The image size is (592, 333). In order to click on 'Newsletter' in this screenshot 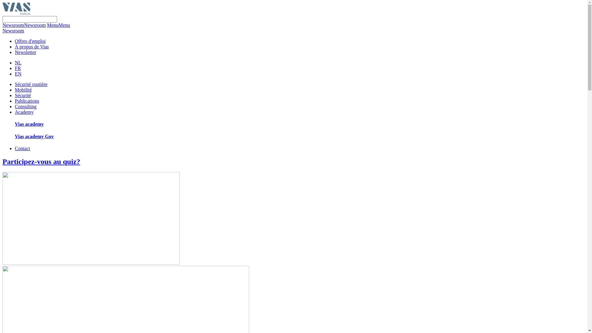, I will do `click(25, 52)`.